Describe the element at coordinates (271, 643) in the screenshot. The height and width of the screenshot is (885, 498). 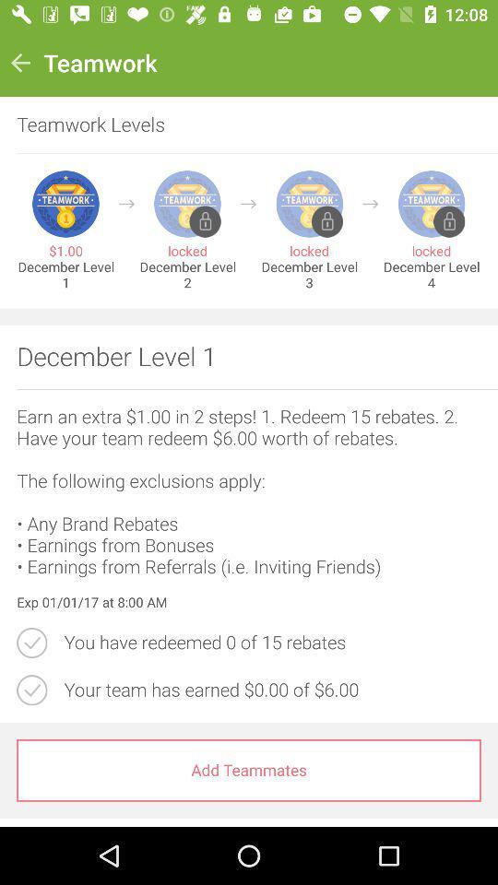
I see `you have redeemed item` at that location.